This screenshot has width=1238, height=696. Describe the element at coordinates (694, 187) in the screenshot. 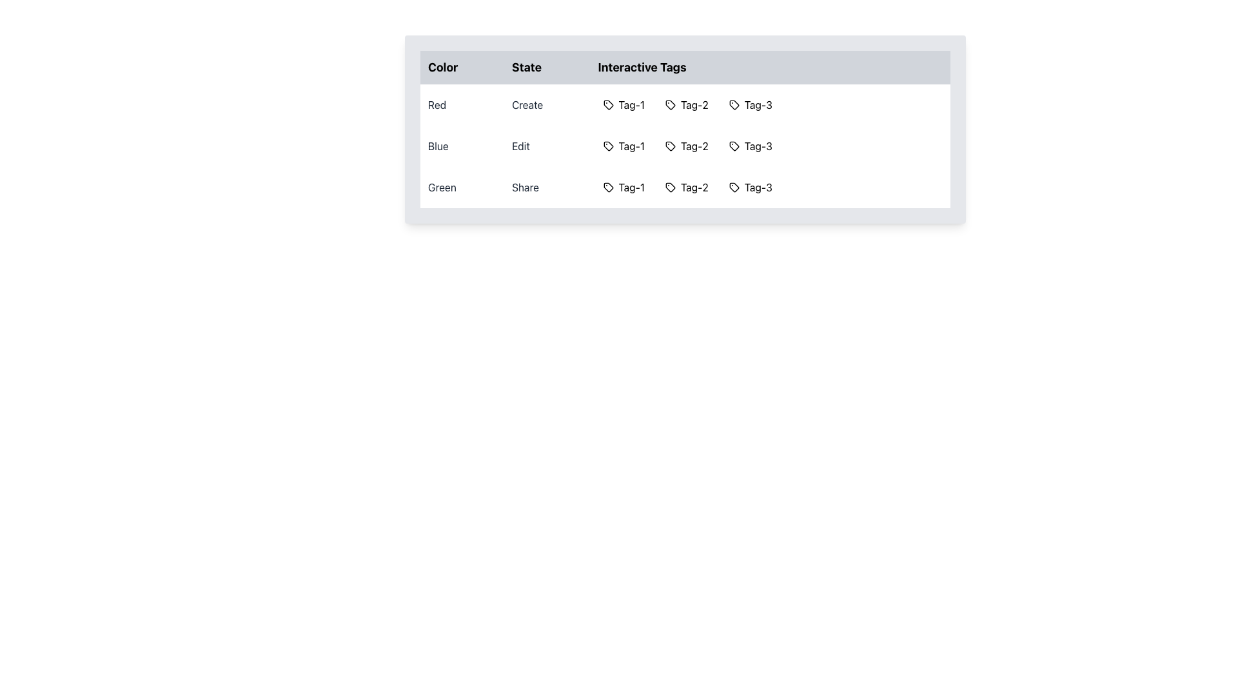

I see `the text label displaying 'Tag-2', styled in a sans-serif font with a green background, located in the third row of the 'Interactive Tags' column of the table` at that location.